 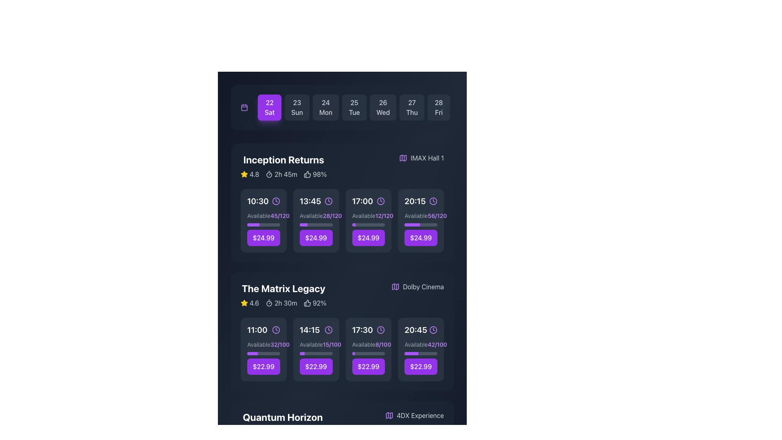 I want to click on the star icon in the Composite text block for 'The Matrix Legacy' movie details, so click(x=283, y=303).